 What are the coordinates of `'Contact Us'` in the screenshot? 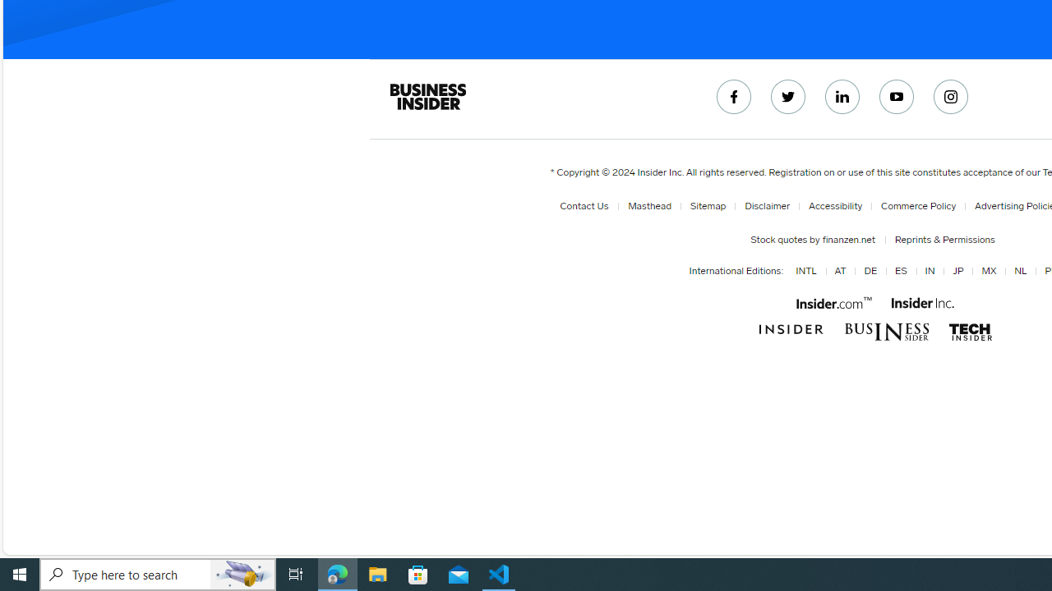 It's located at (587, 205).